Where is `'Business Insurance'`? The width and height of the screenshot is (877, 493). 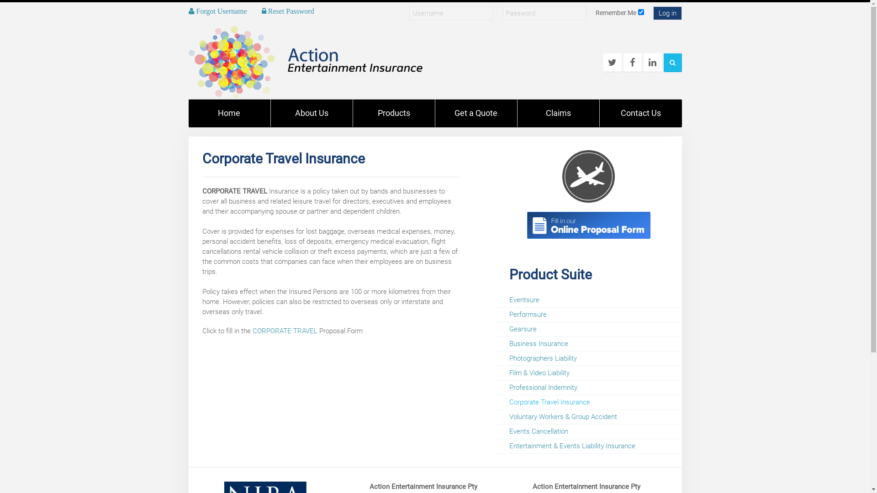
'Business Insurance' is located at coordinates (495, 343).